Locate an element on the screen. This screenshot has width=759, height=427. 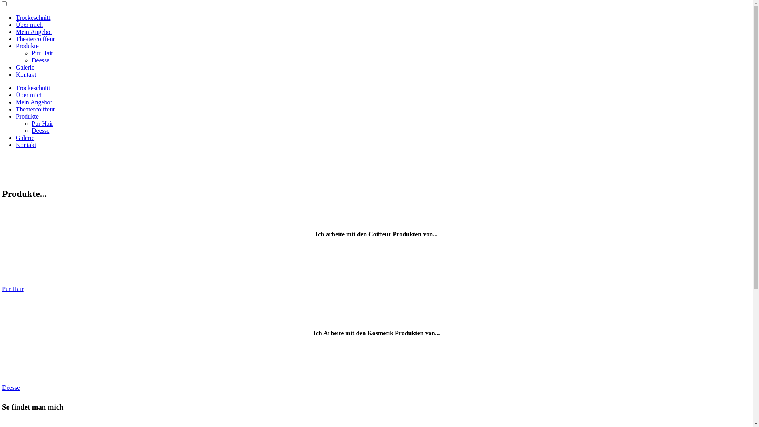
'Pur Hair' is located at coordinates (42, 53).